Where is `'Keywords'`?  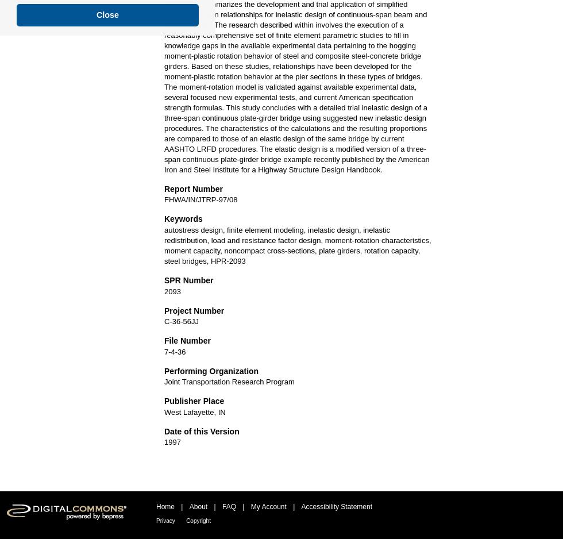
'Keywords' is located at coordinates (183, 218).